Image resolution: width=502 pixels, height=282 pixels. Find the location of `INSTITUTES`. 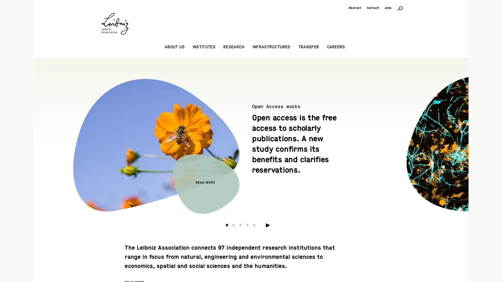

INSTITUTES is located at coordinates (203, 47).